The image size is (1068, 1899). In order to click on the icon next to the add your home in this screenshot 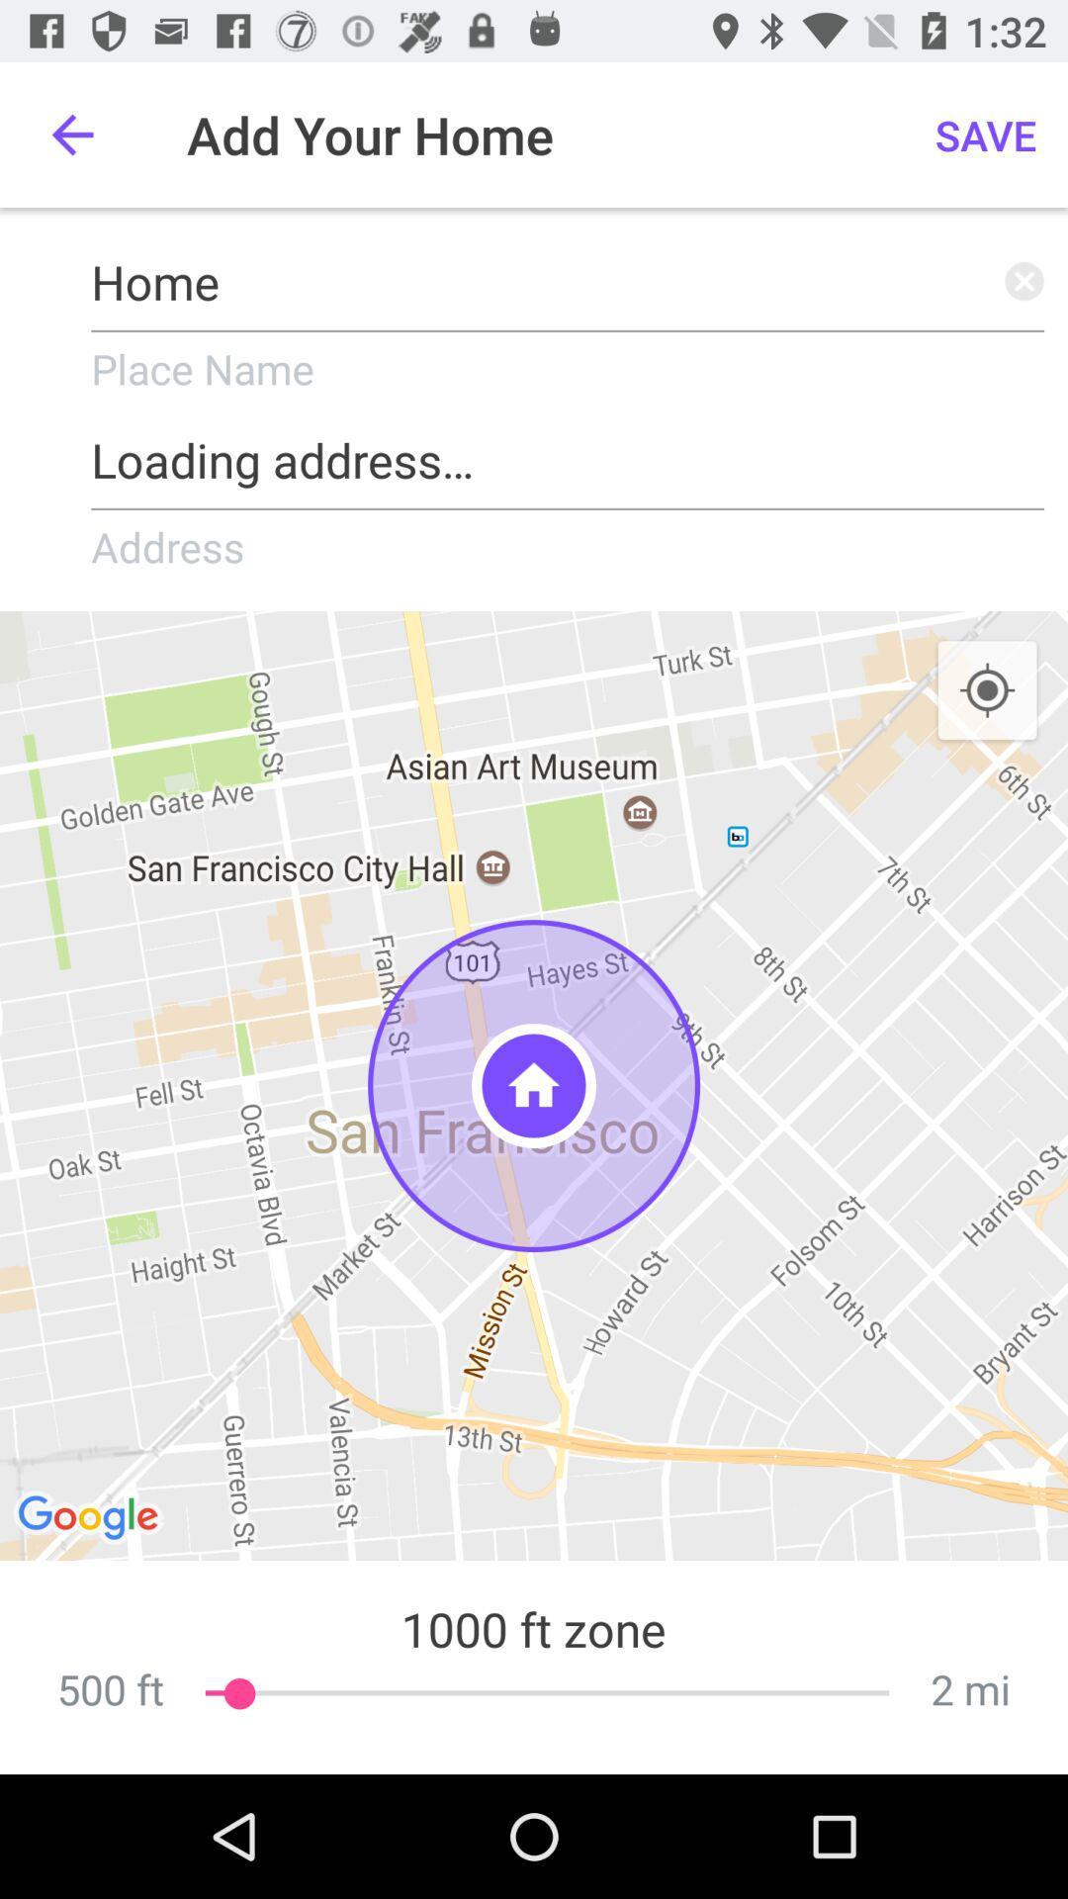, I will do `click(71, 134)`.